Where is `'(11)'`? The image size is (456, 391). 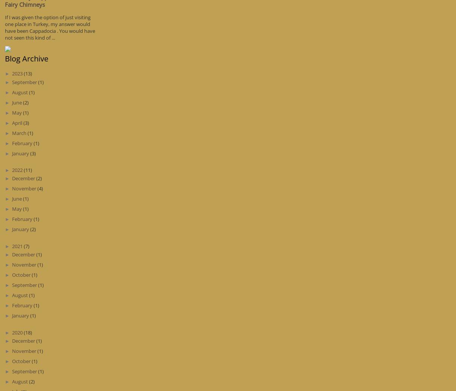
'(11)' is located at coordinates (27, 169).